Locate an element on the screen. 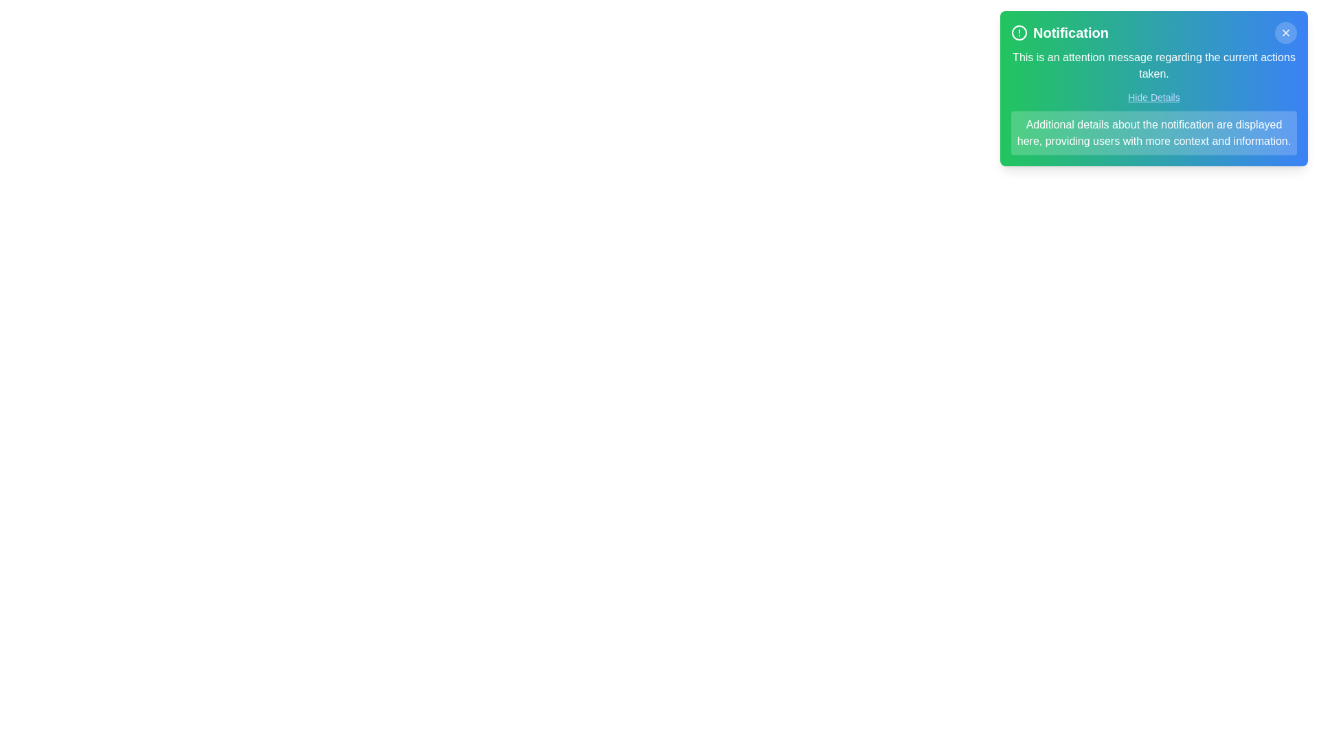 The height and width of the screenshot is (742, 1319). close button to dismiss the notification is located at coordinates (1285, 32).